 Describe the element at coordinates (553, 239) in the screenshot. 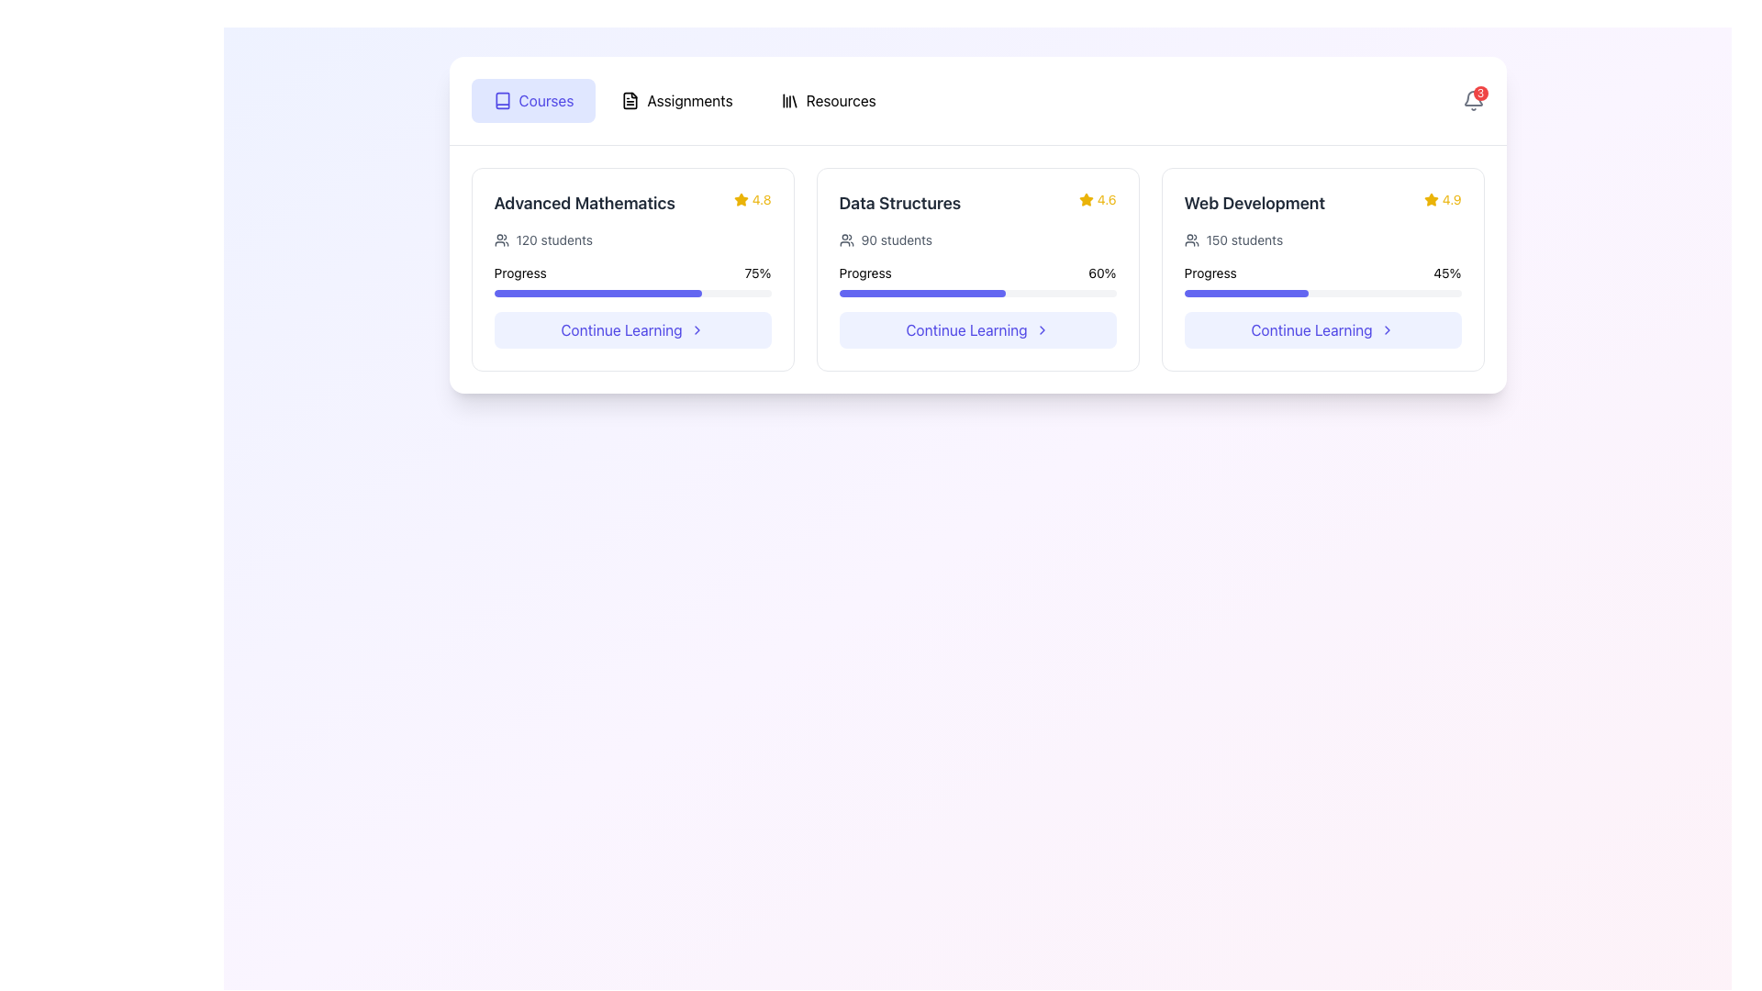

I see `text displayed in the Text Label that shows the number of students enrolled in the 'Advanced Mathematics' course, located within the 'Advanced Mathematics' card, to the right of a people icon, above the progress bar` at that location.